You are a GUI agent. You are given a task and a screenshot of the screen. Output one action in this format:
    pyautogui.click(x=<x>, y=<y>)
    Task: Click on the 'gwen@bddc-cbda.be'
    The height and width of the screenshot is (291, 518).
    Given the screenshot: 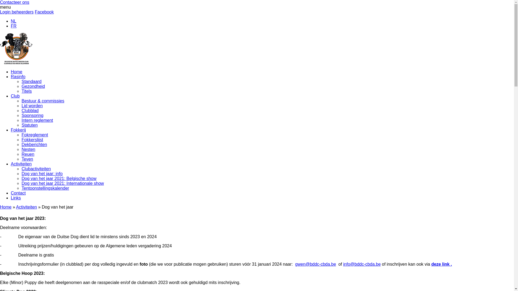 What is the action you would take?
    pyautogui.click(x=315, y=264)
    